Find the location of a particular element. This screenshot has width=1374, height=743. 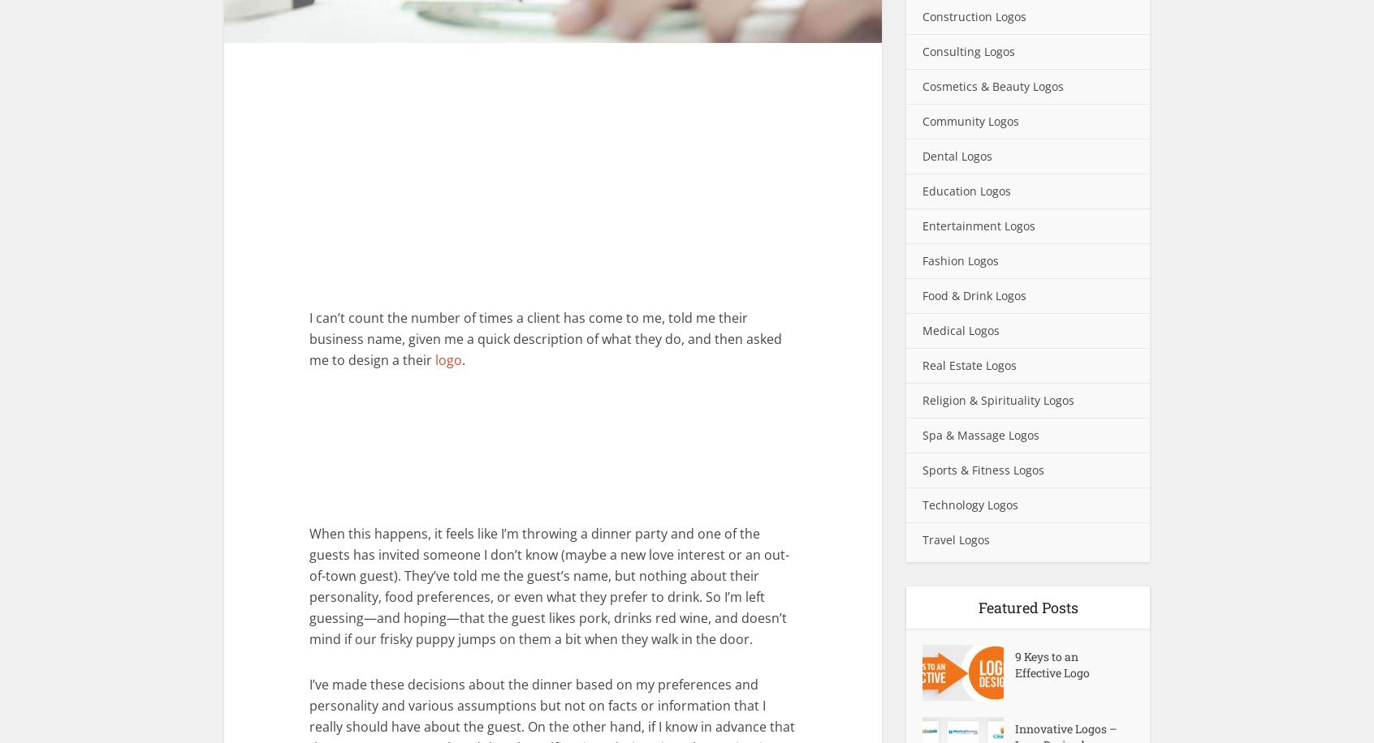

'Dental Logos' is located at coordinates (956, 155).